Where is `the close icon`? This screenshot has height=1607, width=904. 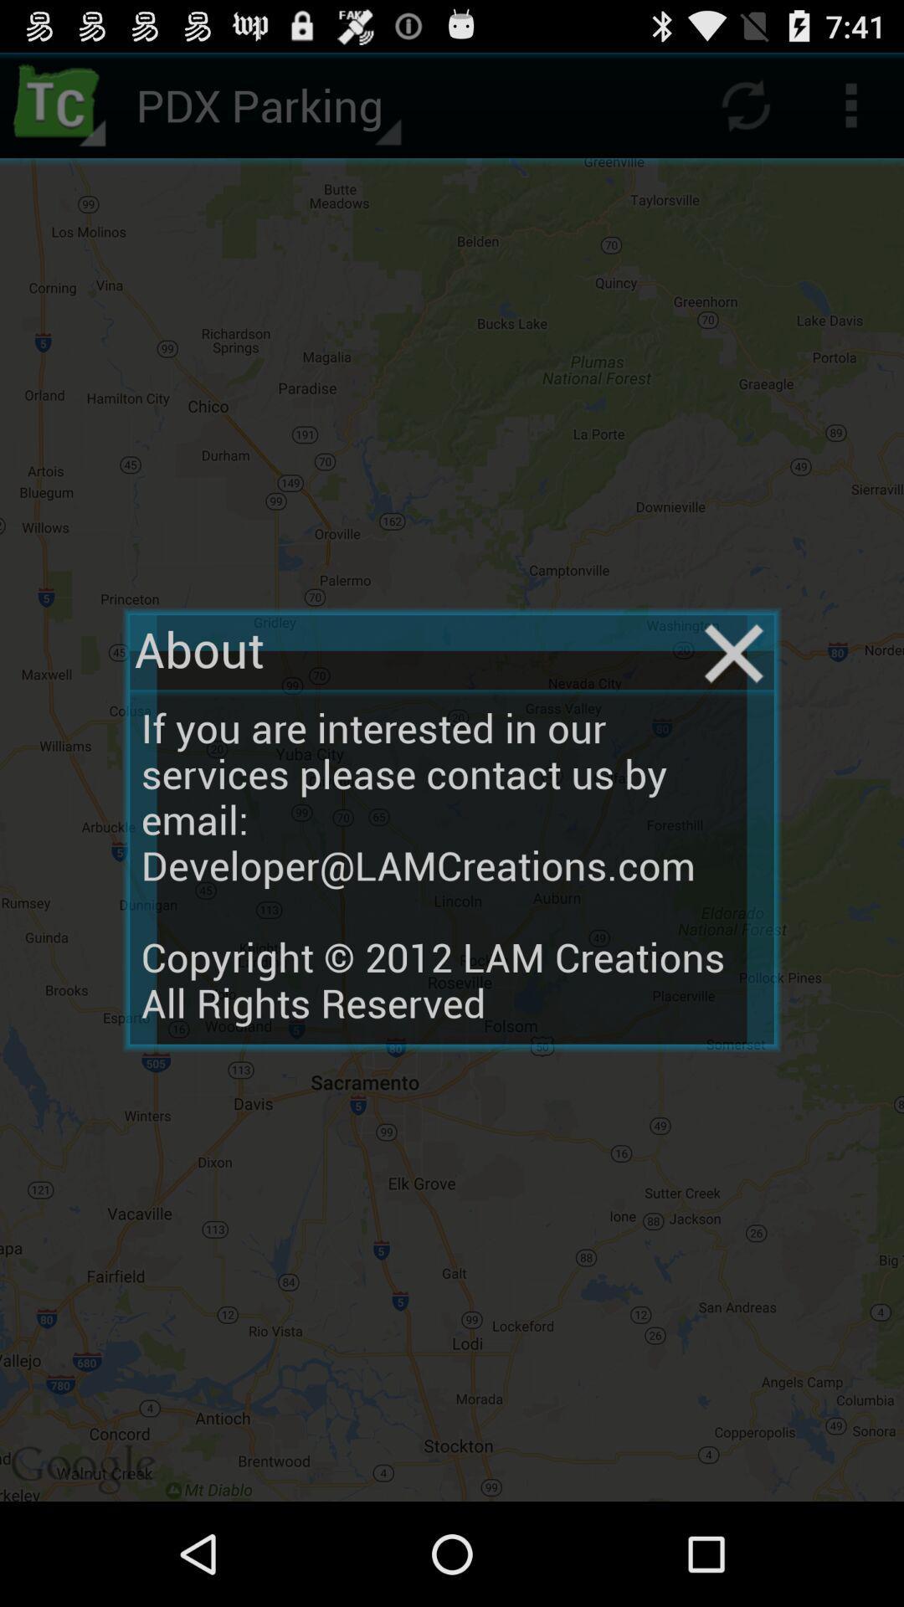
the close icon is located at coordinates (733, 699).